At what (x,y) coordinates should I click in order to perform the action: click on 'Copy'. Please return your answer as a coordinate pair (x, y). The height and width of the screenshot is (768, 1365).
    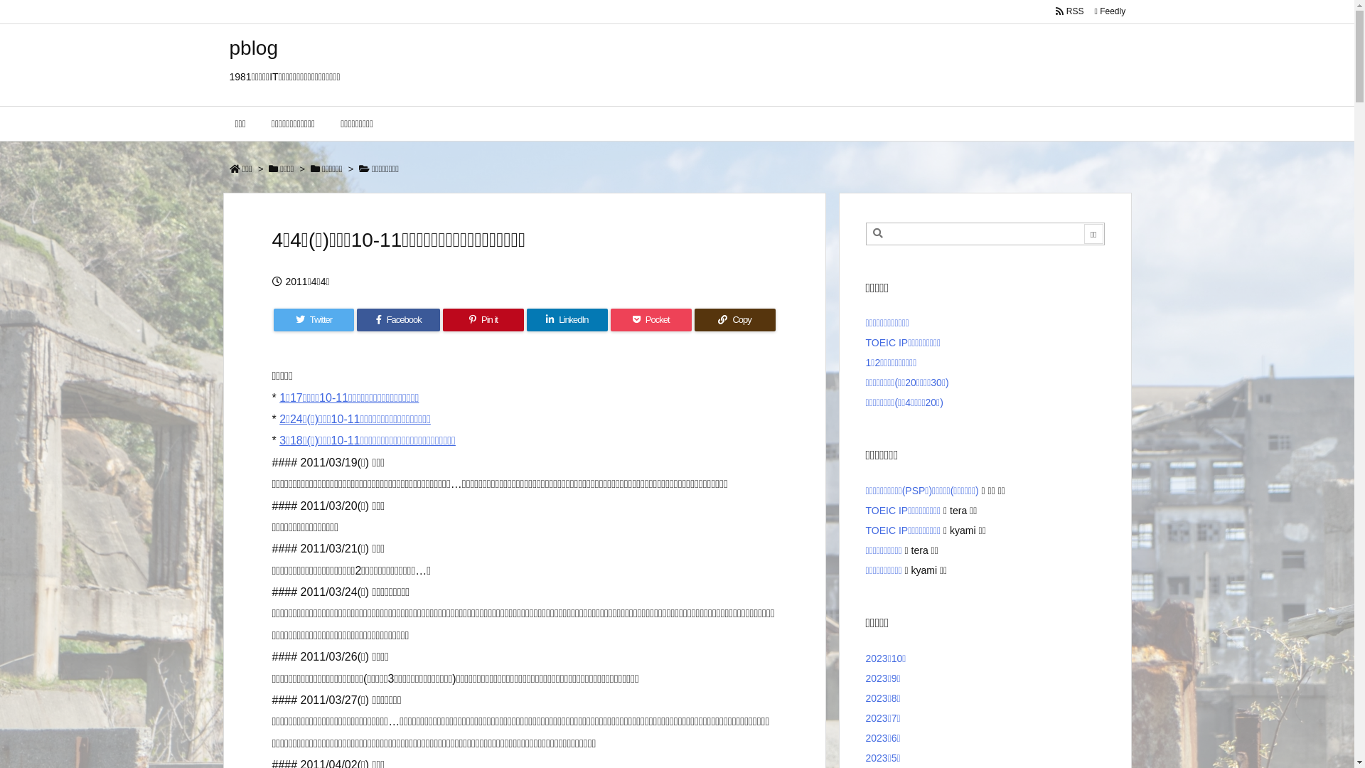
    Looking at the image, I should click on (695, 320).